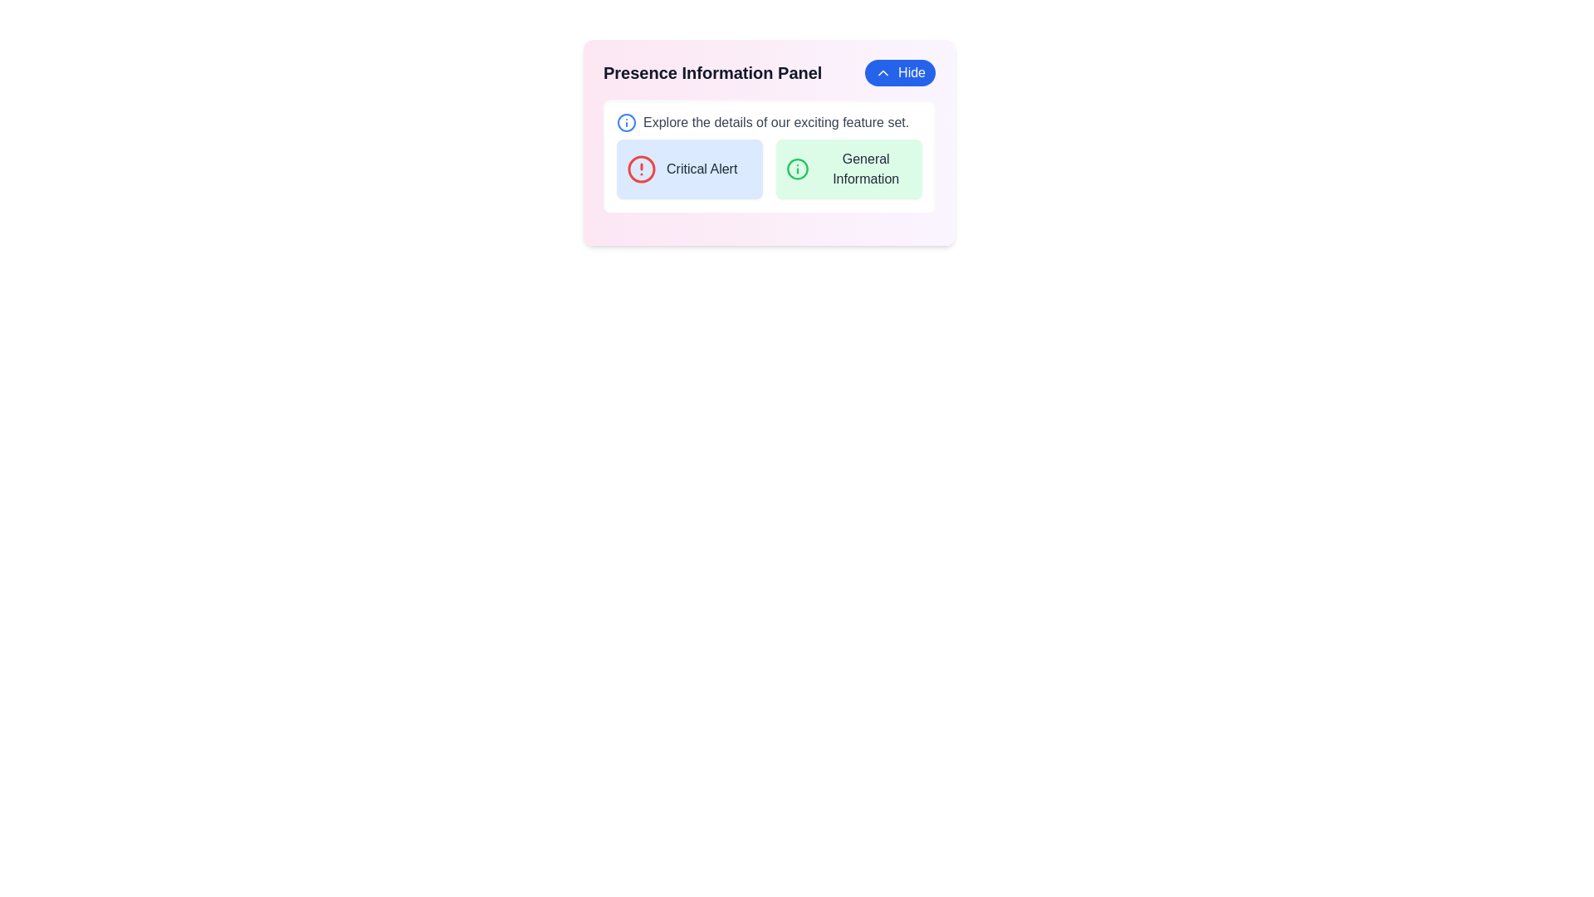  I want to click on title text of the header element that spans the top of the panel and contains an interactive button for hiding the panel, so click(768, 72).